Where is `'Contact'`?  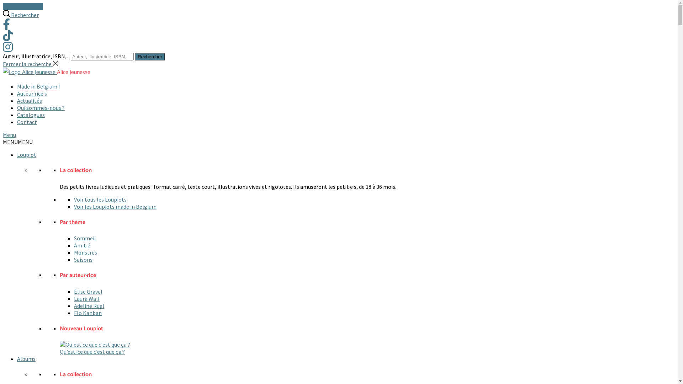
'Contact' is located at coordinates (27, 122).